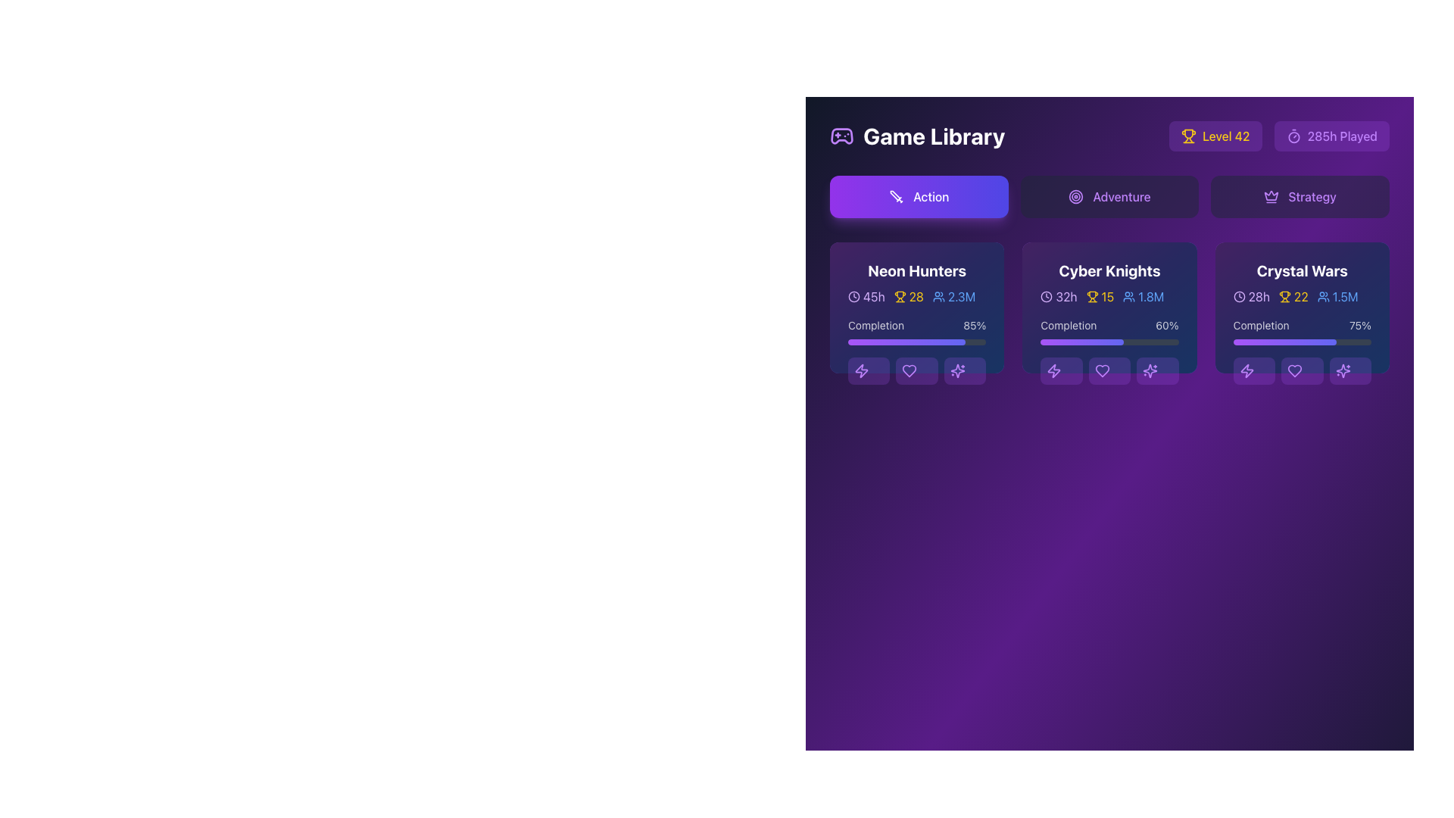  Describe the element at coordinates (1156, 370) in the screenshot. I see `the rounded rectangular purple button with a star icon` at that location.